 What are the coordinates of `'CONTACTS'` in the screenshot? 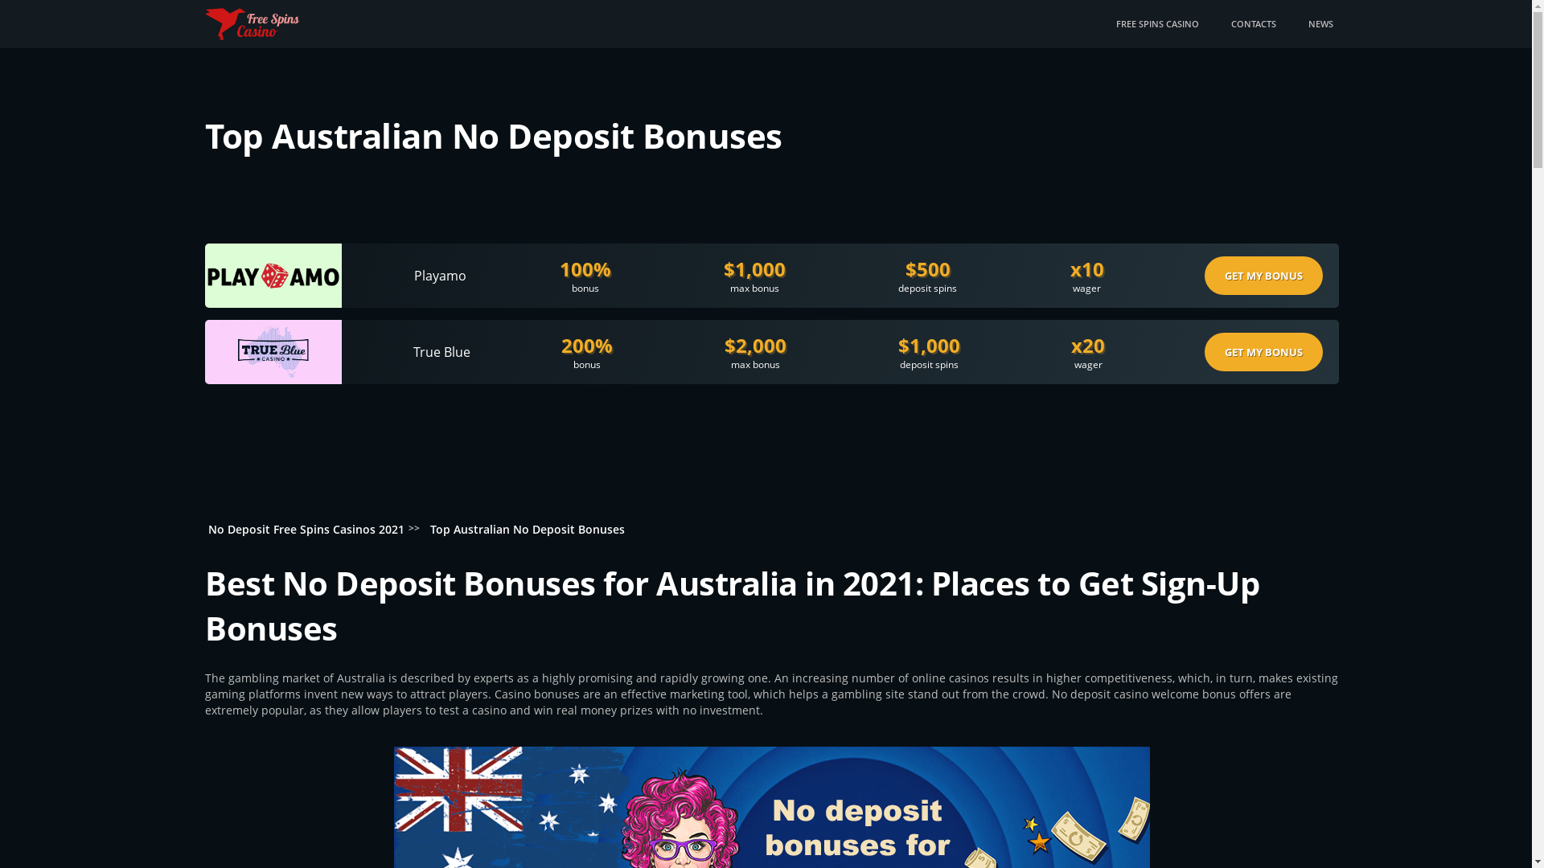 It's located at (1230, 24).